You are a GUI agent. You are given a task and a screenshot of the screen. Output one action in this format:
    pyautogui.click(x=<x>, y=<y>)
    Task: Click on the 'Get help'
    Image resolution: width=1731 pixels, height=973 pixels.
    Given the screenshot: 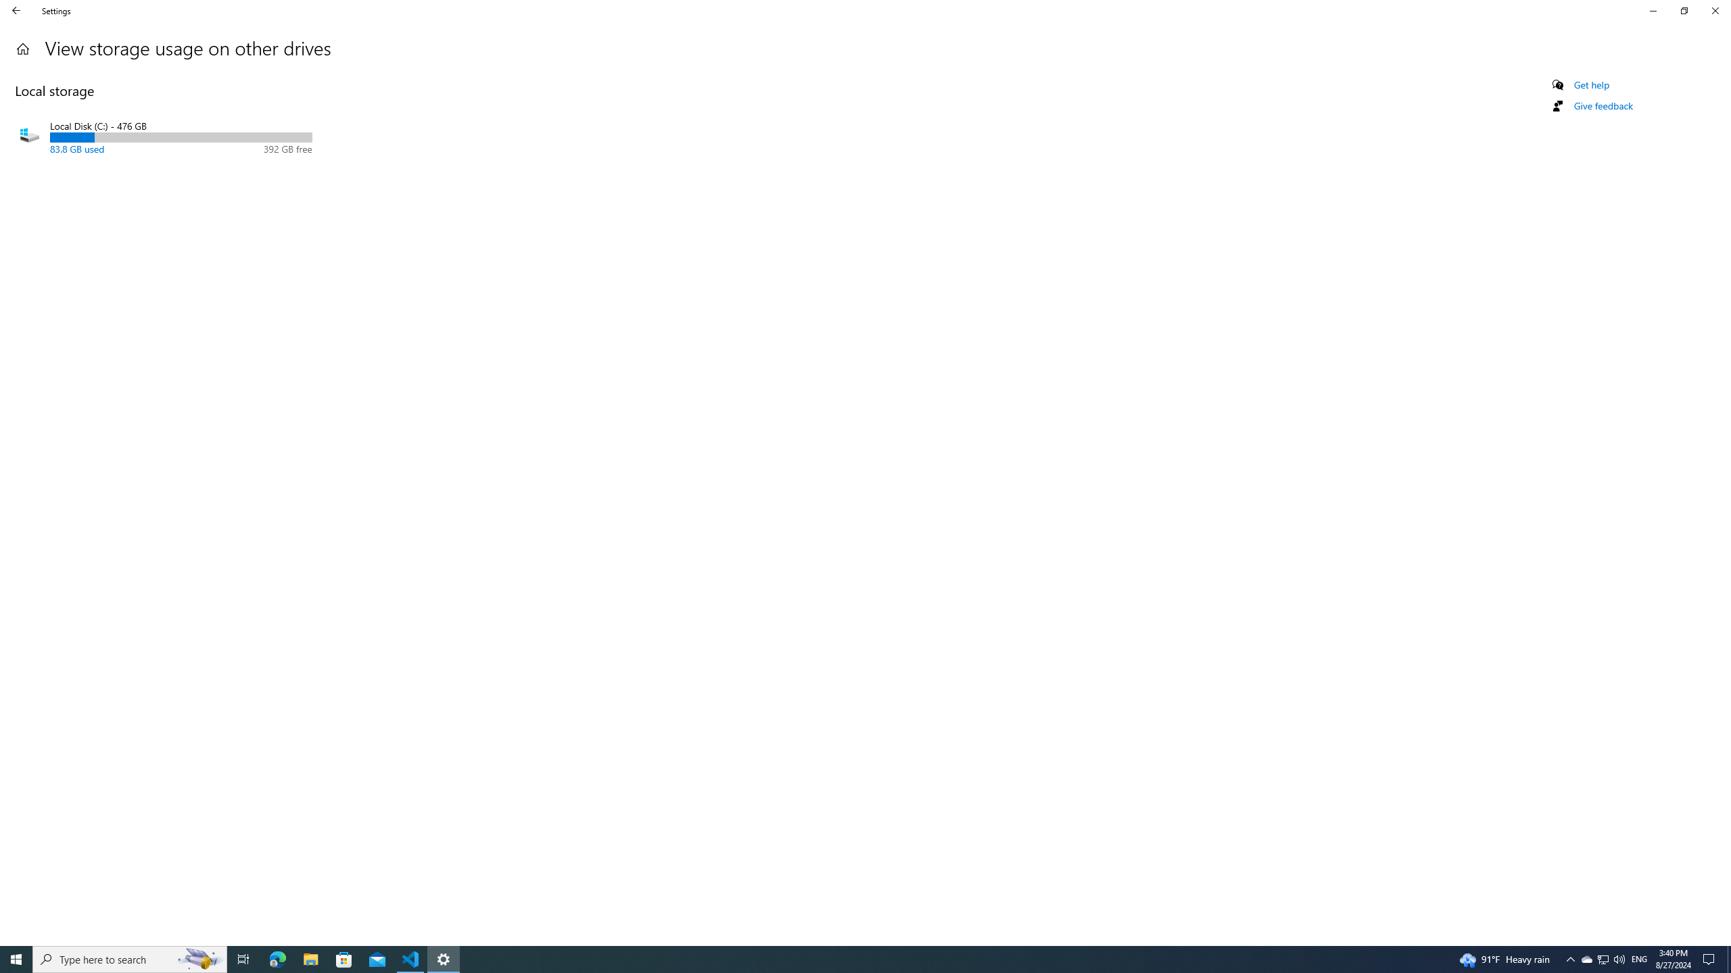 What is the action you would take?
    pyautogui.click(x=1590, y=84)
    